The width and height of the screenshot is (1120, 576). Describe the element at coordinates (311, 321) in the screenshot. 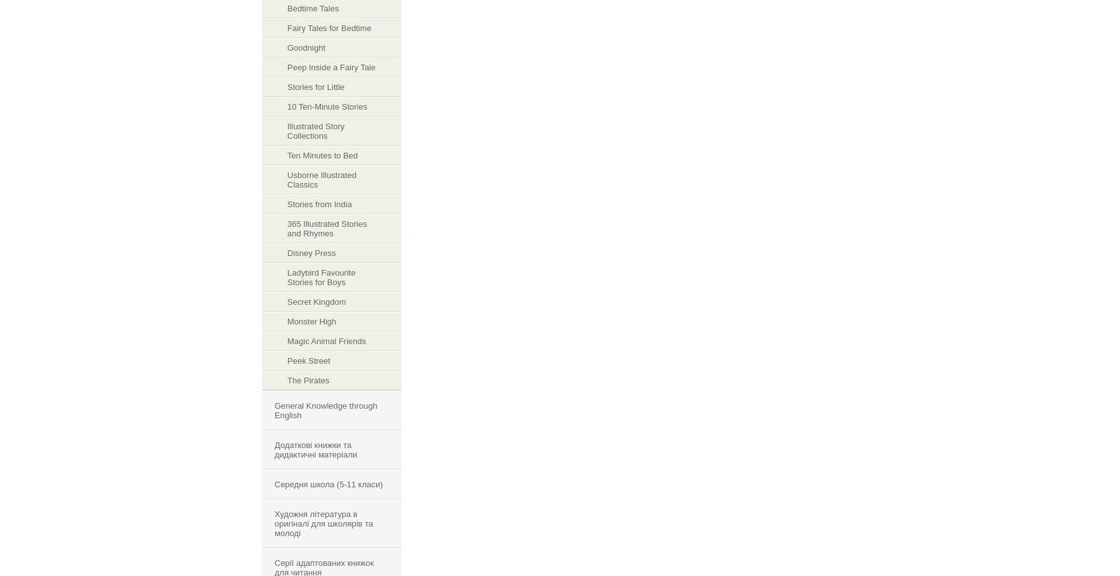

I see `'Monster High'` at that location.